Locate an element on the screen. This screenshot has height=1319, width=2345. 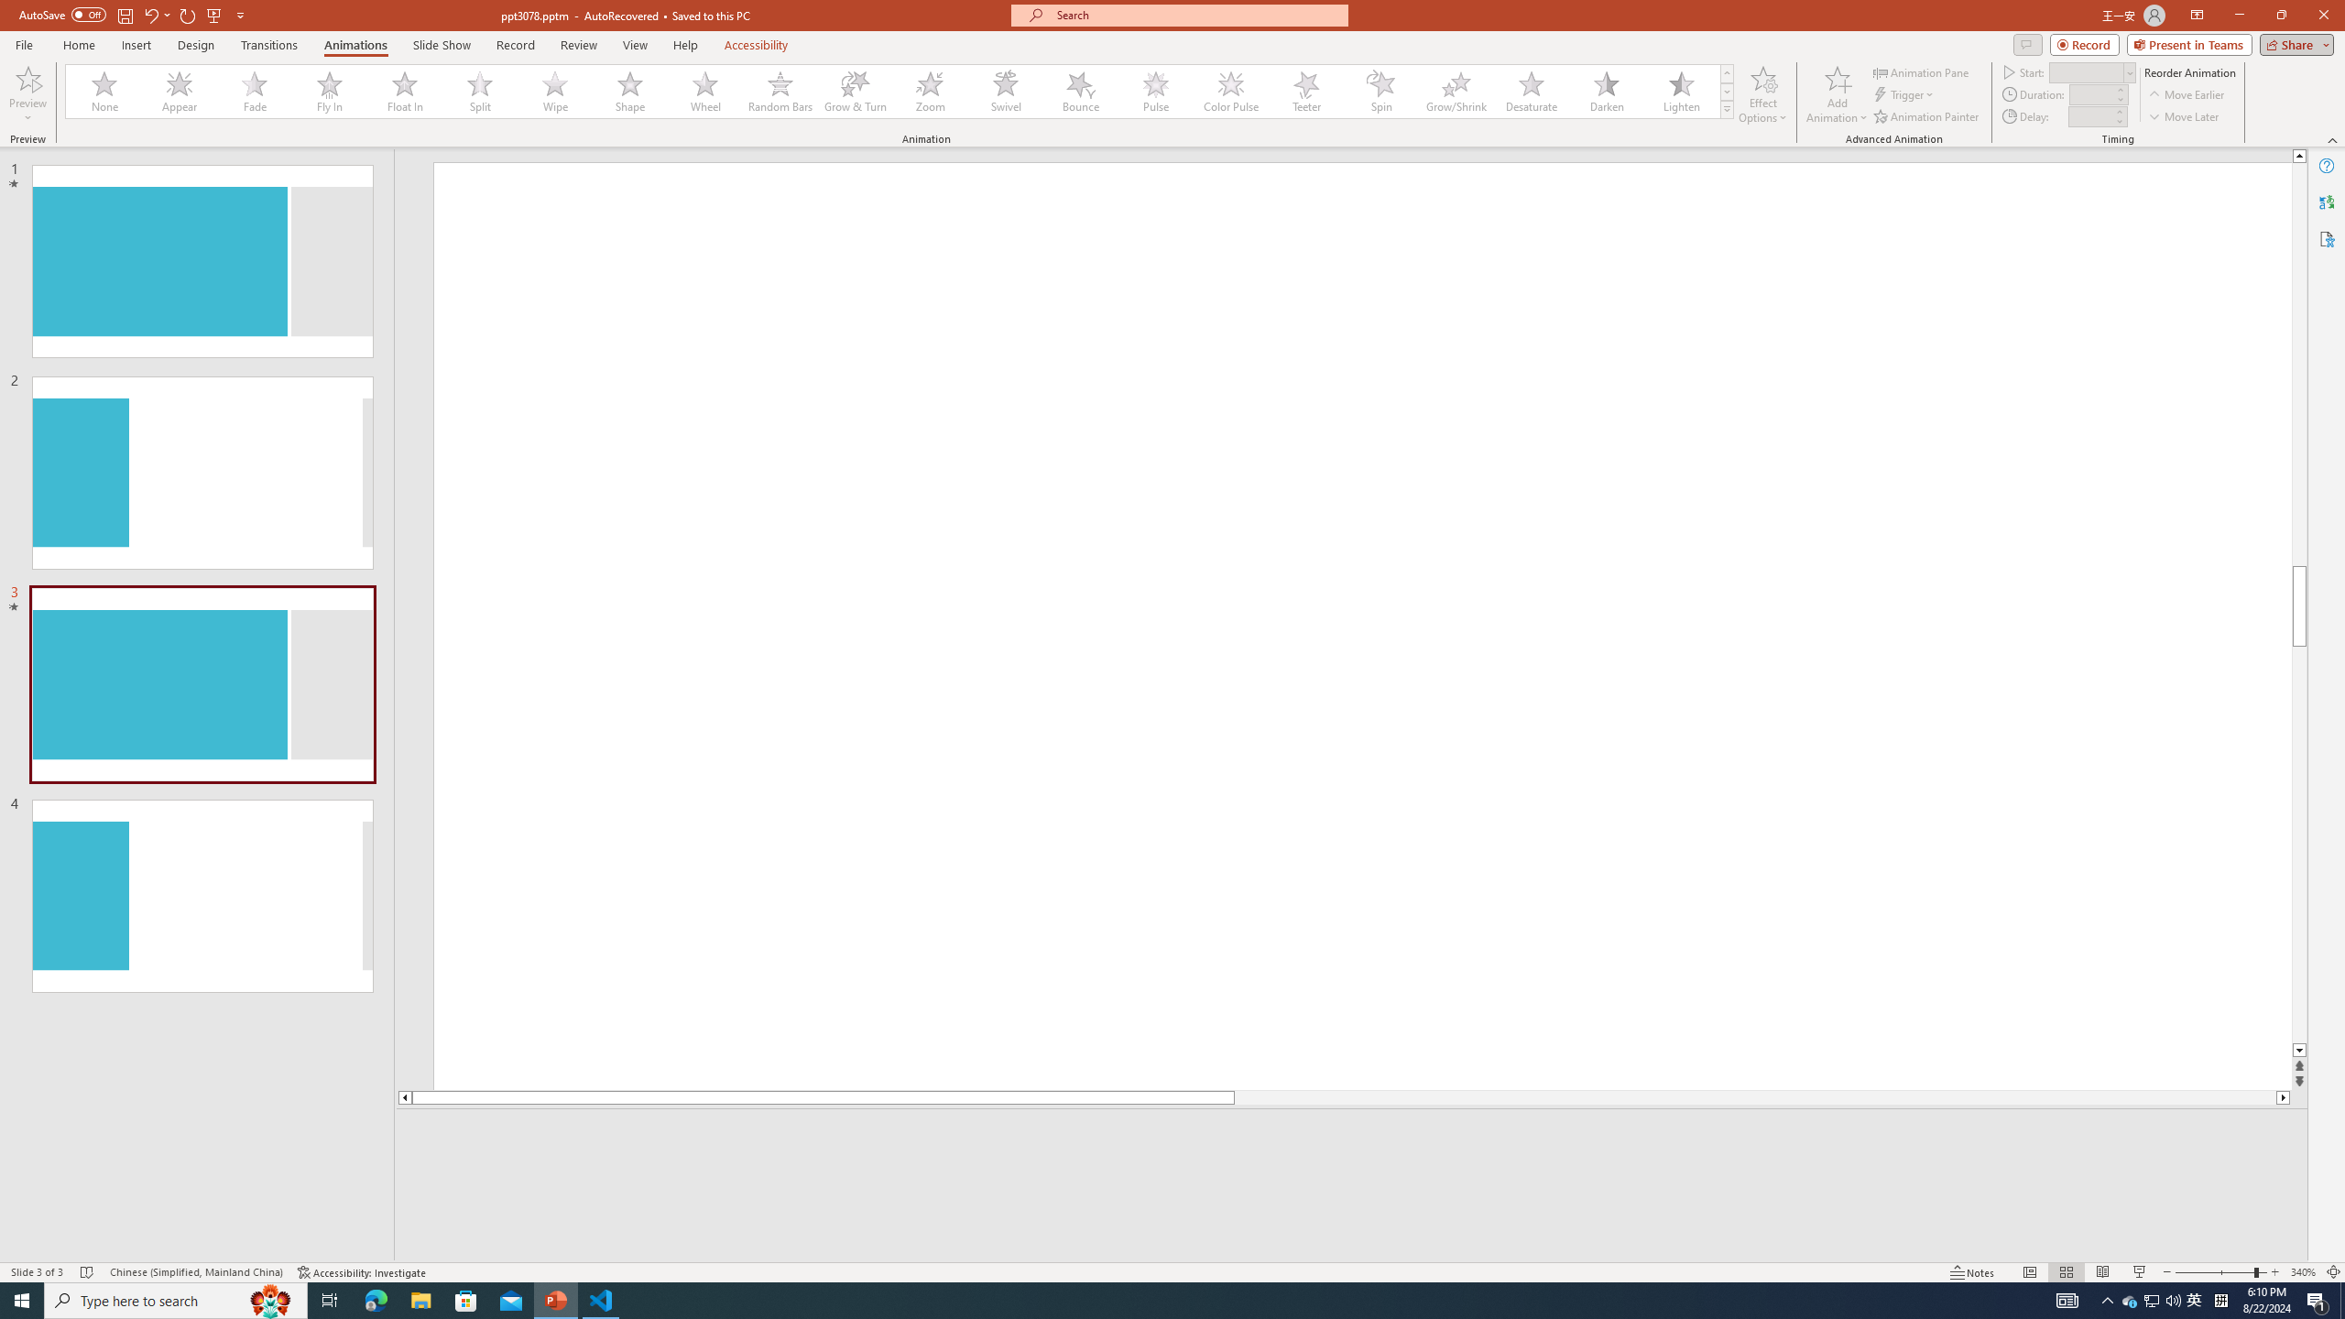
'Swivel' is located at coordinates (1005, 91).